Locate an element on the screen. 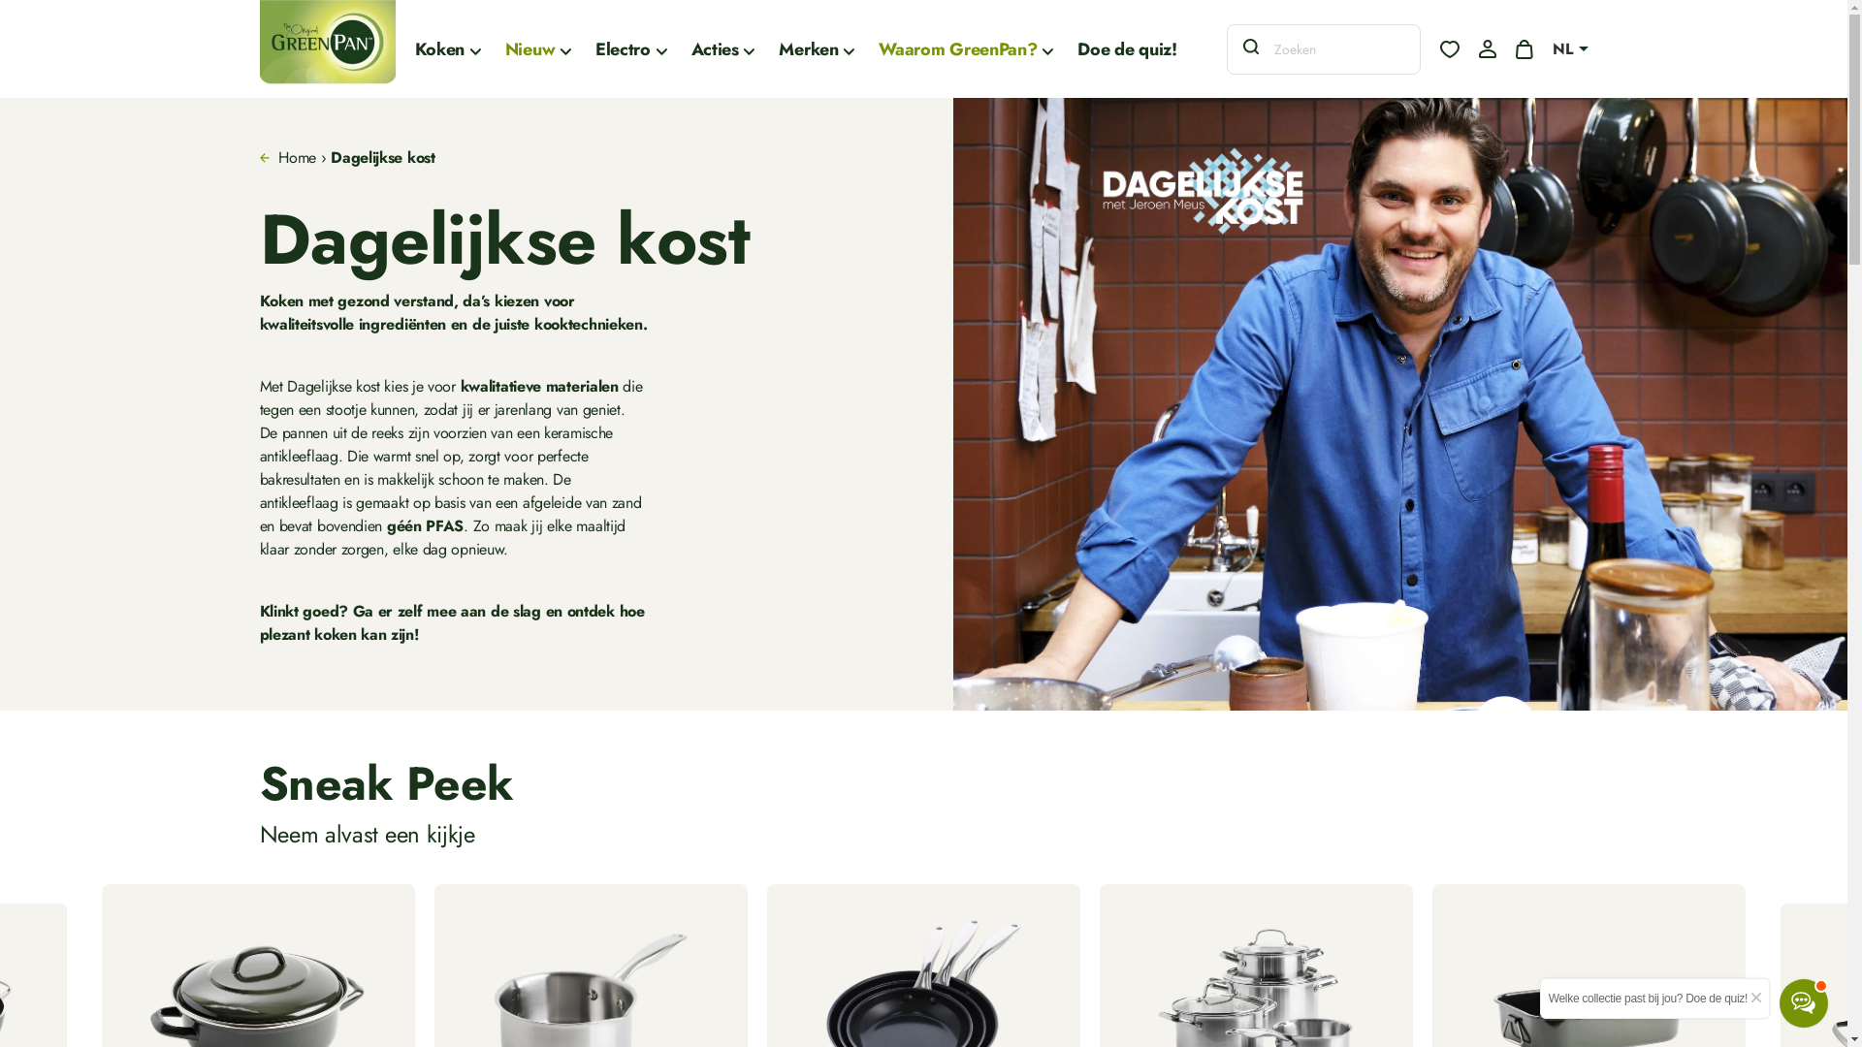  'Electro' is located at coordinates (631, 48).